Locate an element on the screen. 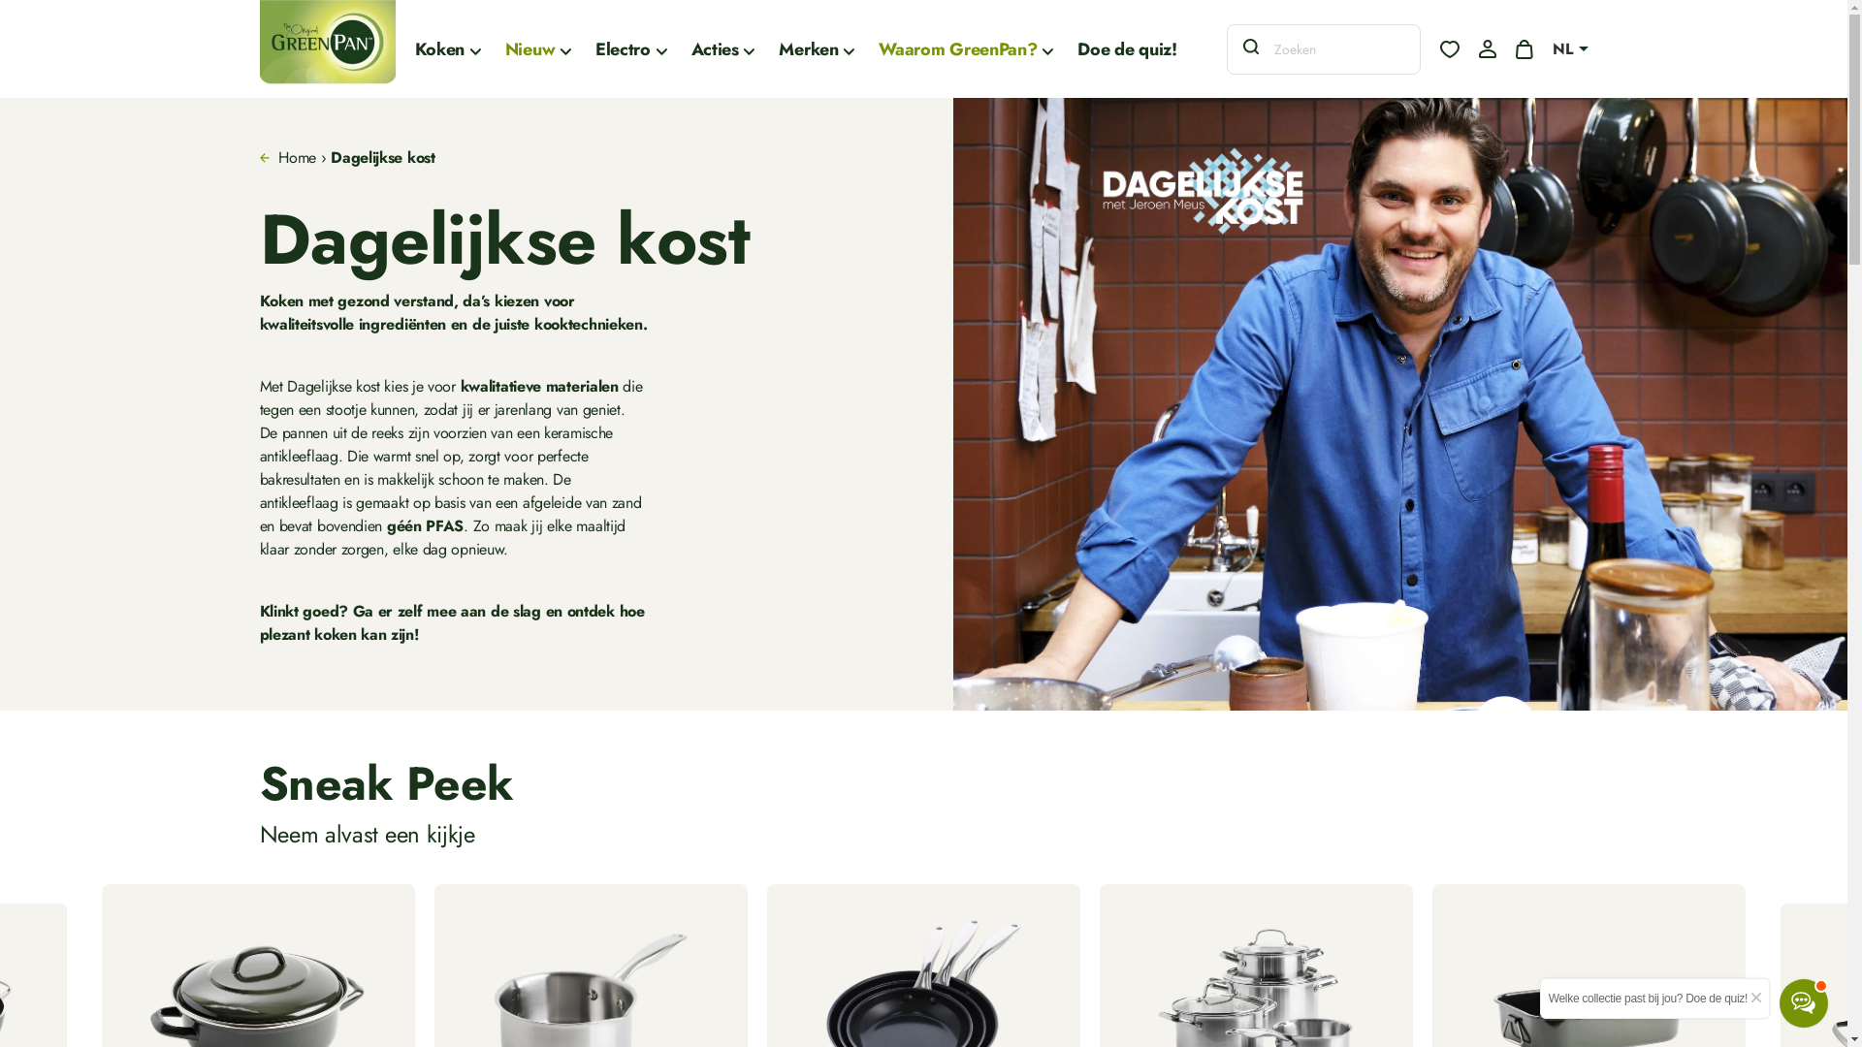  'Electro' is located at coordinates (631, 48).